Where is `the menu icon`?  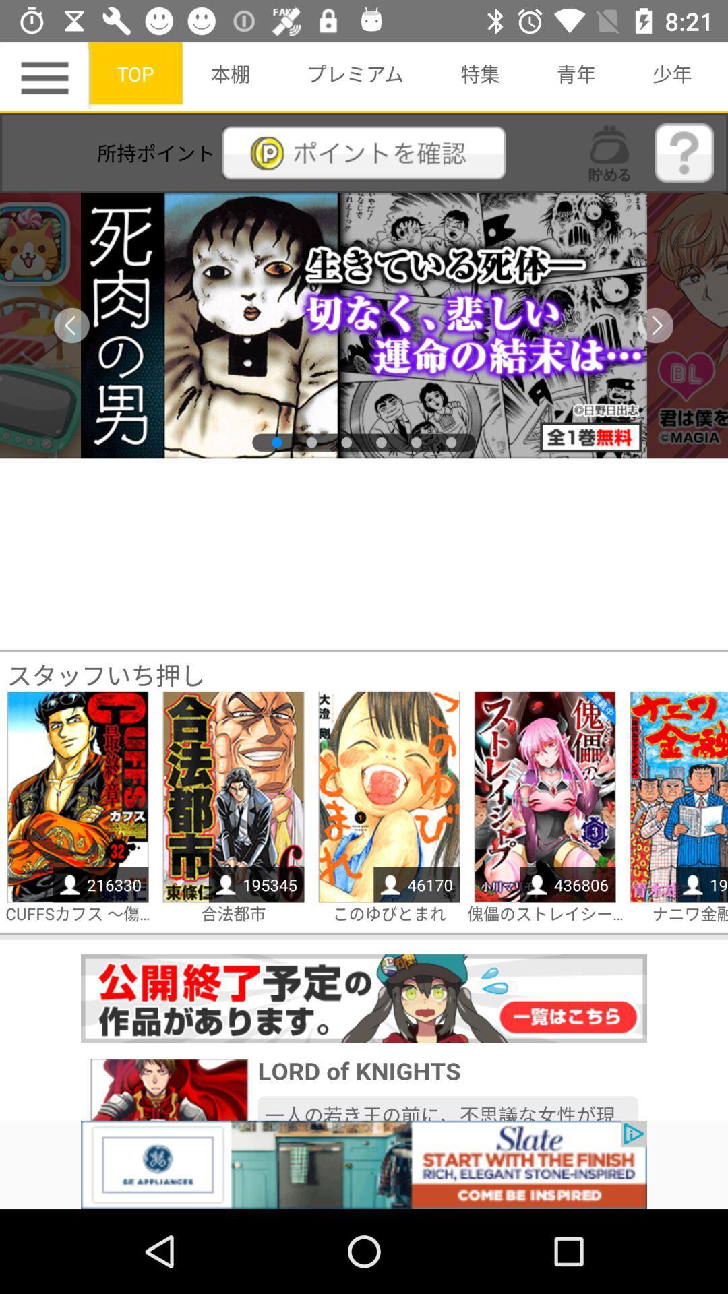 the menu icon is located at coordinates (46, 77).